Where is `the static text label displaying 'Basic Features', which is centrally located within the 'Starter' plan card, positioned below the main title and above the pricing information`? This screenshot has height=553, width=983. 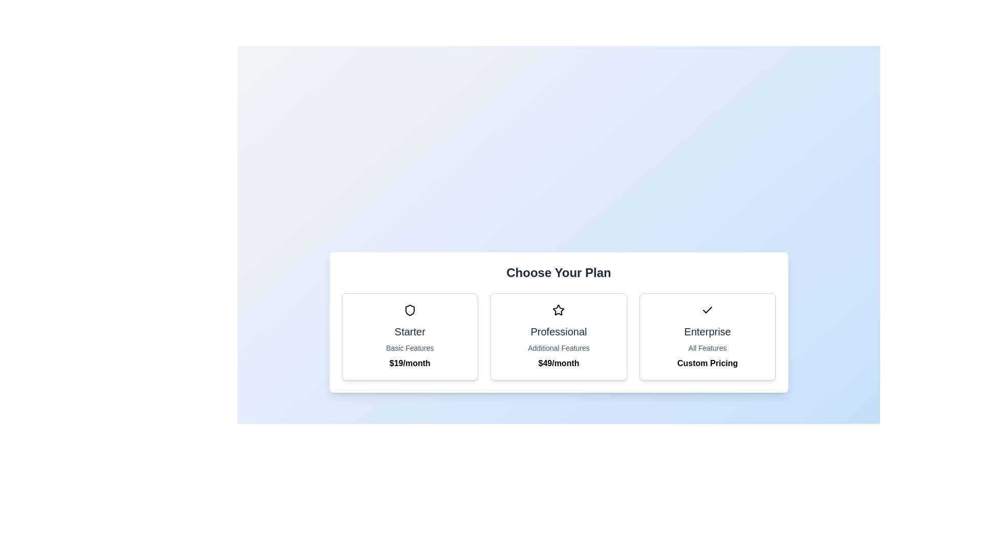
the static text label displaying 'Basic Features', which is centrally located within the 'Starter' plan card, positioned below the main title and above the pricing information is located at coordinates (410, 347).